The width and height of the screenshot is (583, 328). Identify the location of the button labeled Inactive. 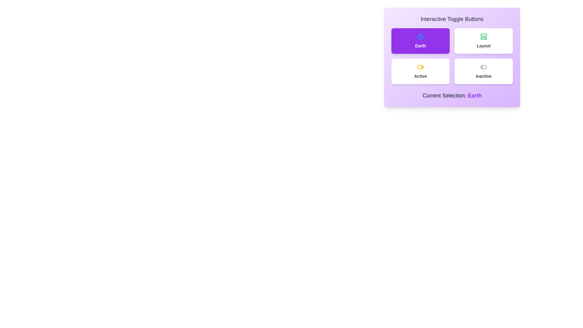
(483, 71).